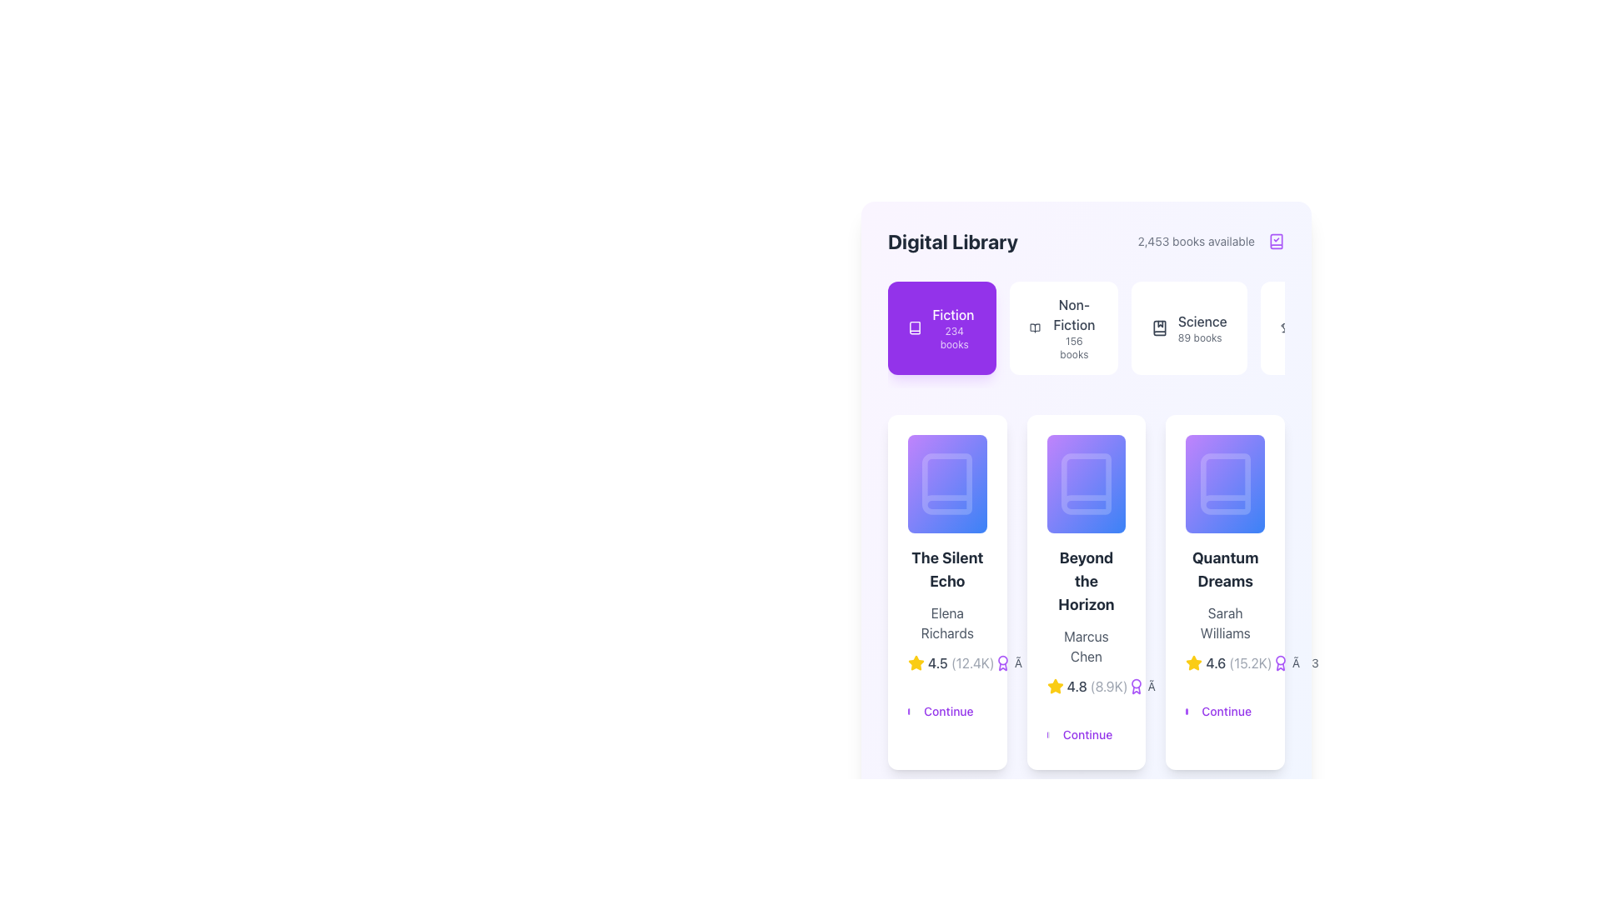 The image size is (1601, 900). What do you see at coordinates (1202, 327) in the screenshot?
I see `the 'Science' category label text block` at bounding box center [1202, 327].